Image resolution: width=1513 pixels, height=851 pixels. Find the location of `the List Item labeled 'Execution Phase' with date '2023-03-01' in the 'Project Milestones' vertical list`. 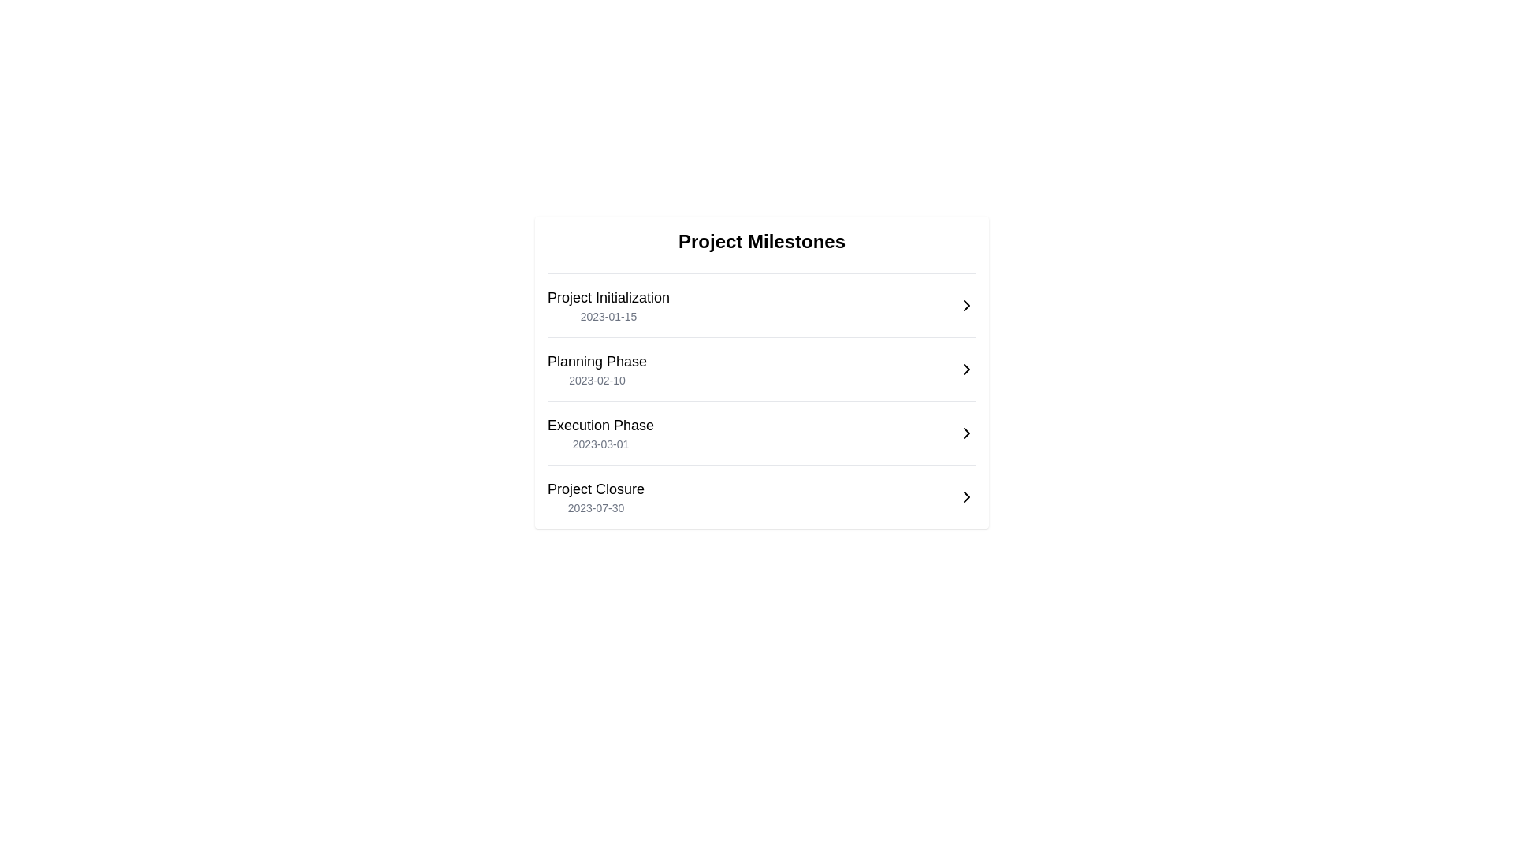

the List Item labeled 'Execution Phase' with date '2023-03-01' in the 'Project Milestones' vertical list is located at coordinates (761, 425).